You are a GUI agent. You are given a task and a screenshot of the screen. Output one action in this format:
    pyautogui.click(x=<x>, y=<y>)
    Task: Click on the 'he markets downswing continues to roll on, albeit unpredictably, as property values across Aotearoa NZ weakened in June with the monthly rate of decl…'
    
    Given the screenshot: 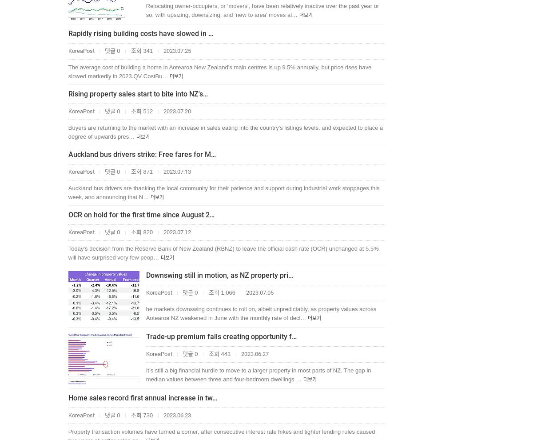 What is the action you would take?
    pyautogui.click(x=260, y=313)
    